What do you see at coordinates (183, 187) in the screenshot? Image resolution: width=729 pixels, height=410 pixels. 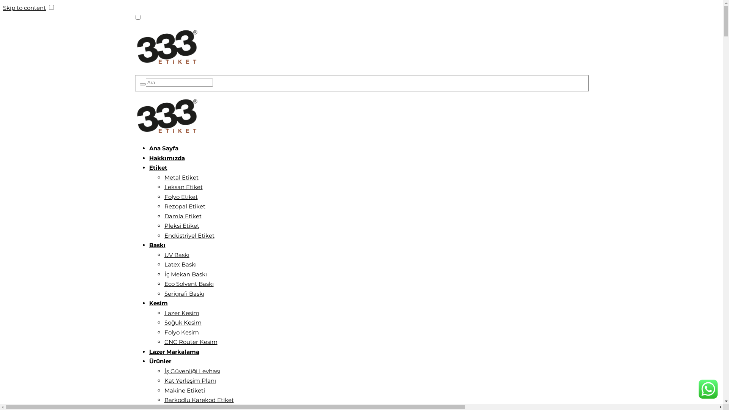 I see `'Leksan Etiket'` at bounding box center [183, 187].